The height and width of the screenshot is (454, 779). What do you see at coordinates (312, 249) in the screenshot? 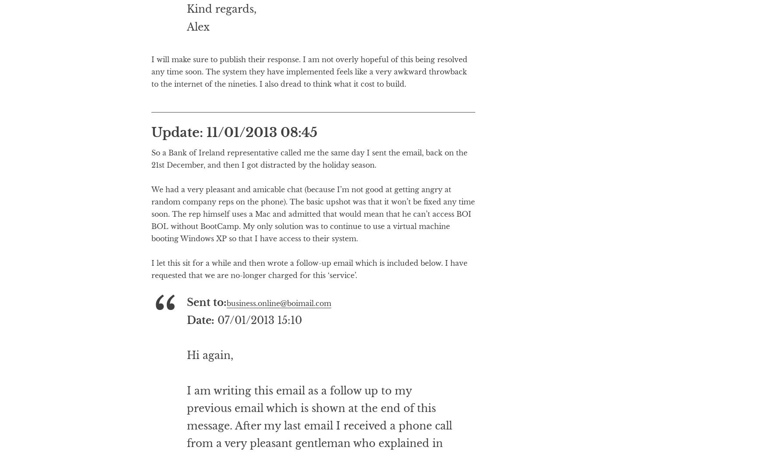
I see `'We had a very pleasant and amicable chat (because I’m not good at getting angry at random company reps on the phone). The basic upshot was that it won’t be fixed any time soon. The rep himself uses a Mac and admitted that would mean that he can’t access BOI BOL without BootCamp. My only solution was to continue to use a virtual machine booting Windows XP so that I have access to their system.'` at bounding box center [312, 249].